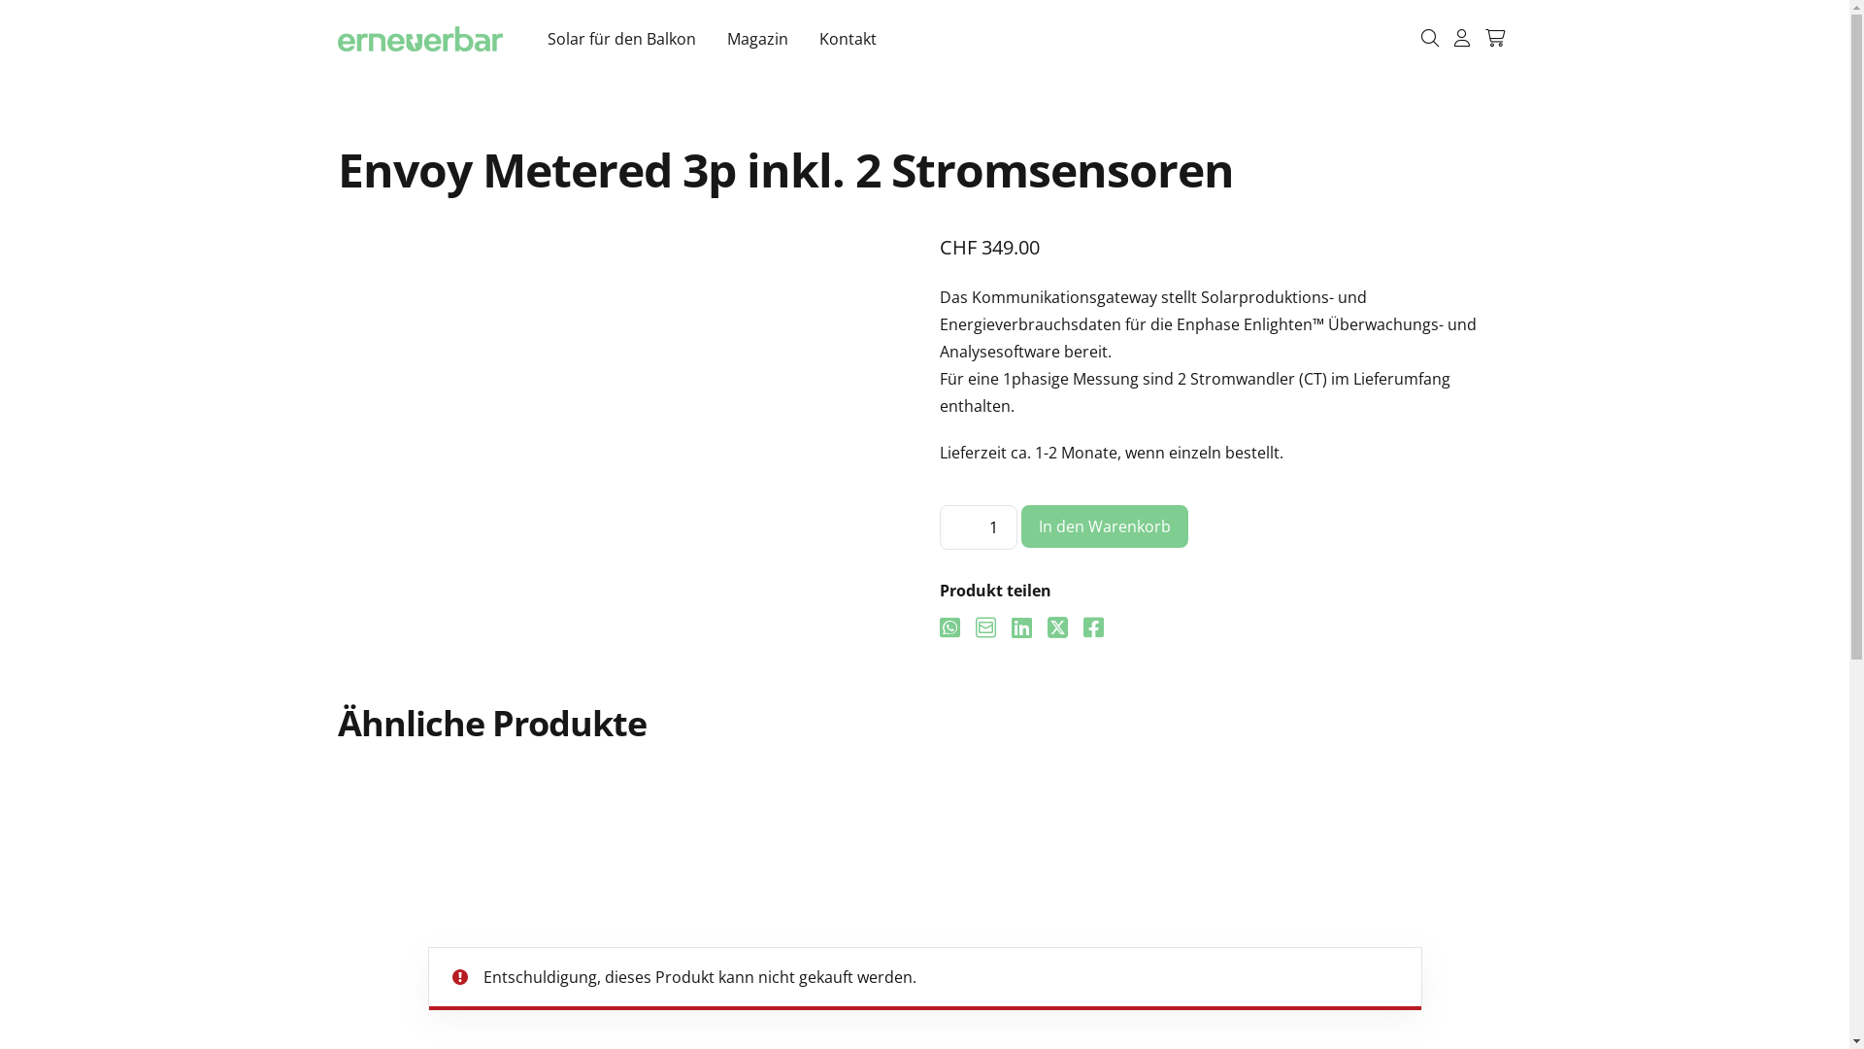  What do you see at coordinates (755, 38) in the screenshot?
I see `'Magazin'` at bounding box center [755, 38].